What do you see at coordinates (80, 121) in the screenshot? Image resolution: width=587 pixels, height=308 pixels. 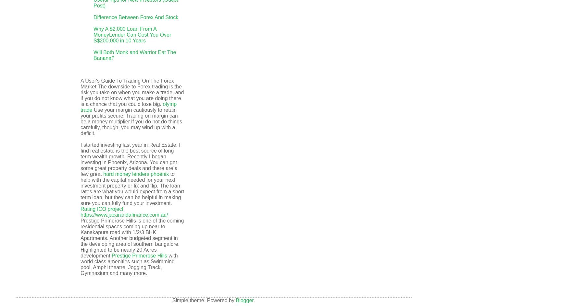 I see `'Use your margin cautiously to retain your profits secure. Trading on margin can be a money multiplier.If you do not do things carefully, though, you may wind up with a deficit.'` at bounding box center [80, 121].